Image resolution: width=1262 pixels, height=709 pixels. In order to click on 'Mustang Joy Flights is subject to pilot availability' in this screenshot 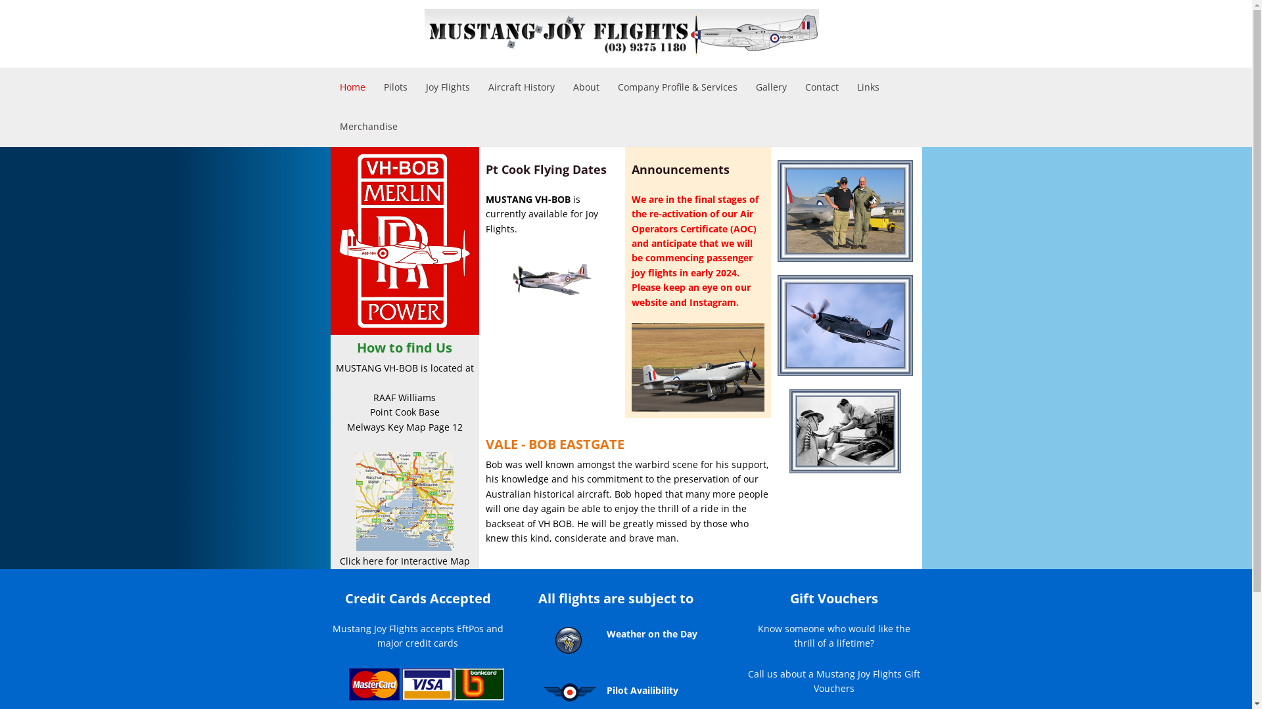, I will do `click(570, 692)`.